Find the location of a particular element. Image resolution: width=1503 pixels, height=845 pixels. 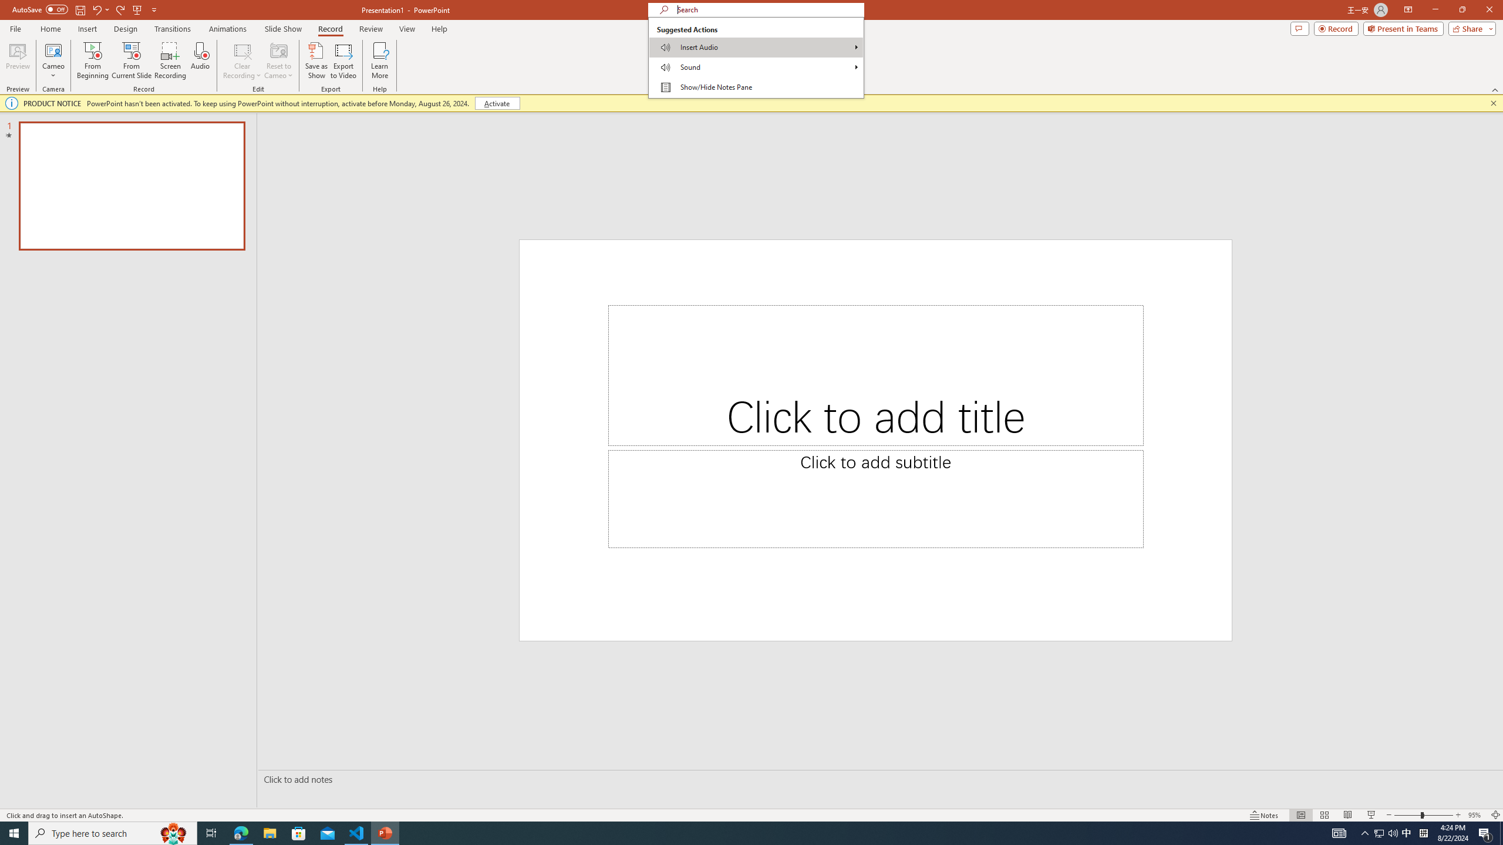

'Show/Hide Notes Pane' is located at coordinates (756, 87).